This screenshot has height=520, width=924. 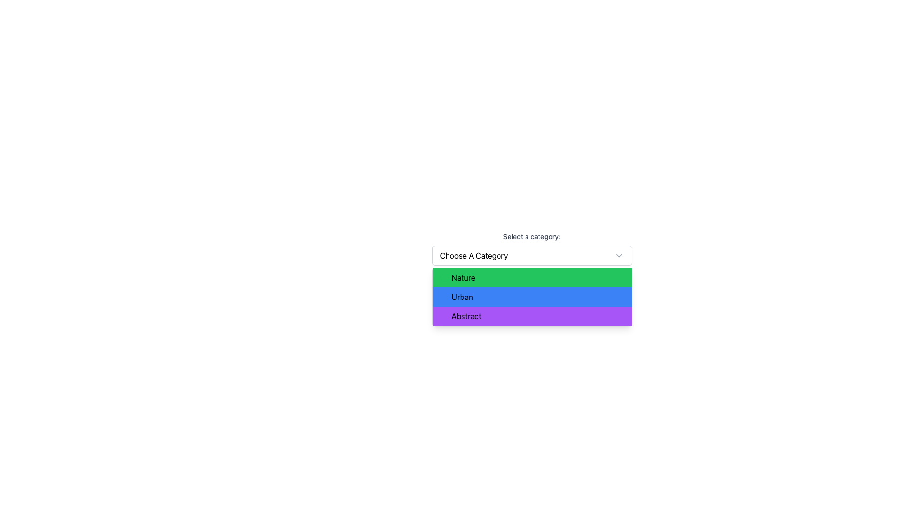 I want to click on the third selectable list item labeled 'Abstract' within the options menu, so click(x=531, y=316).